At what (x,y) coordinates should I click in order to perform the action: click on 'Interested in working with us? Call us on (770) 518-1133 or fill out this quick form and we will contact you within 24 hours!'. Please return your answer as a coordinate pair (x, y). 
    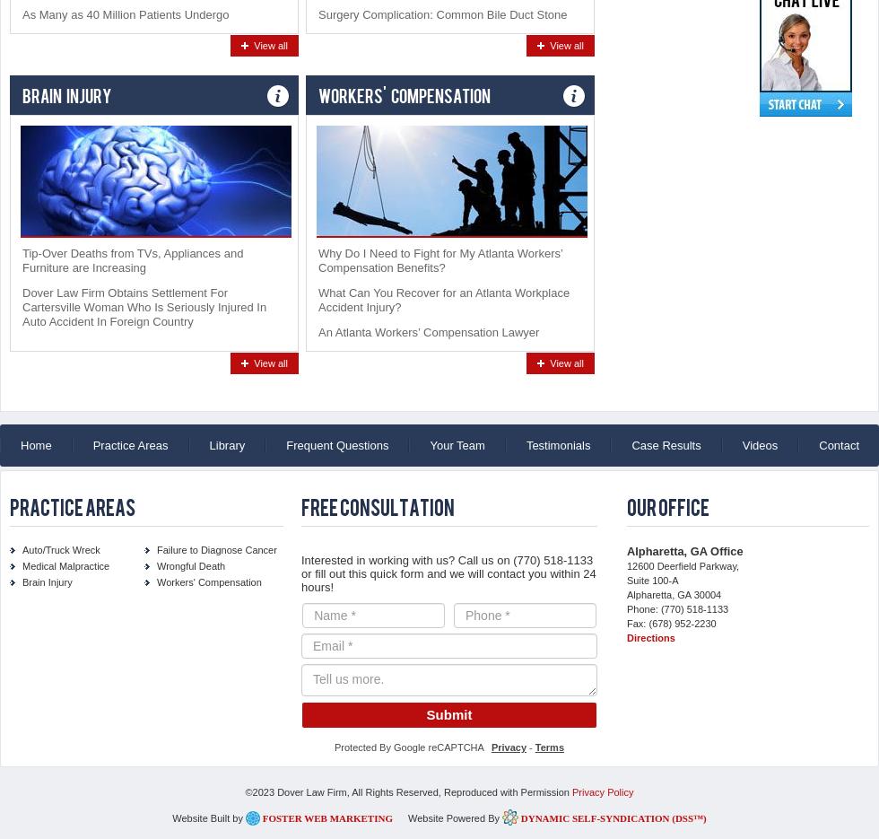
    Looking at the image, I should click on (448, 573).